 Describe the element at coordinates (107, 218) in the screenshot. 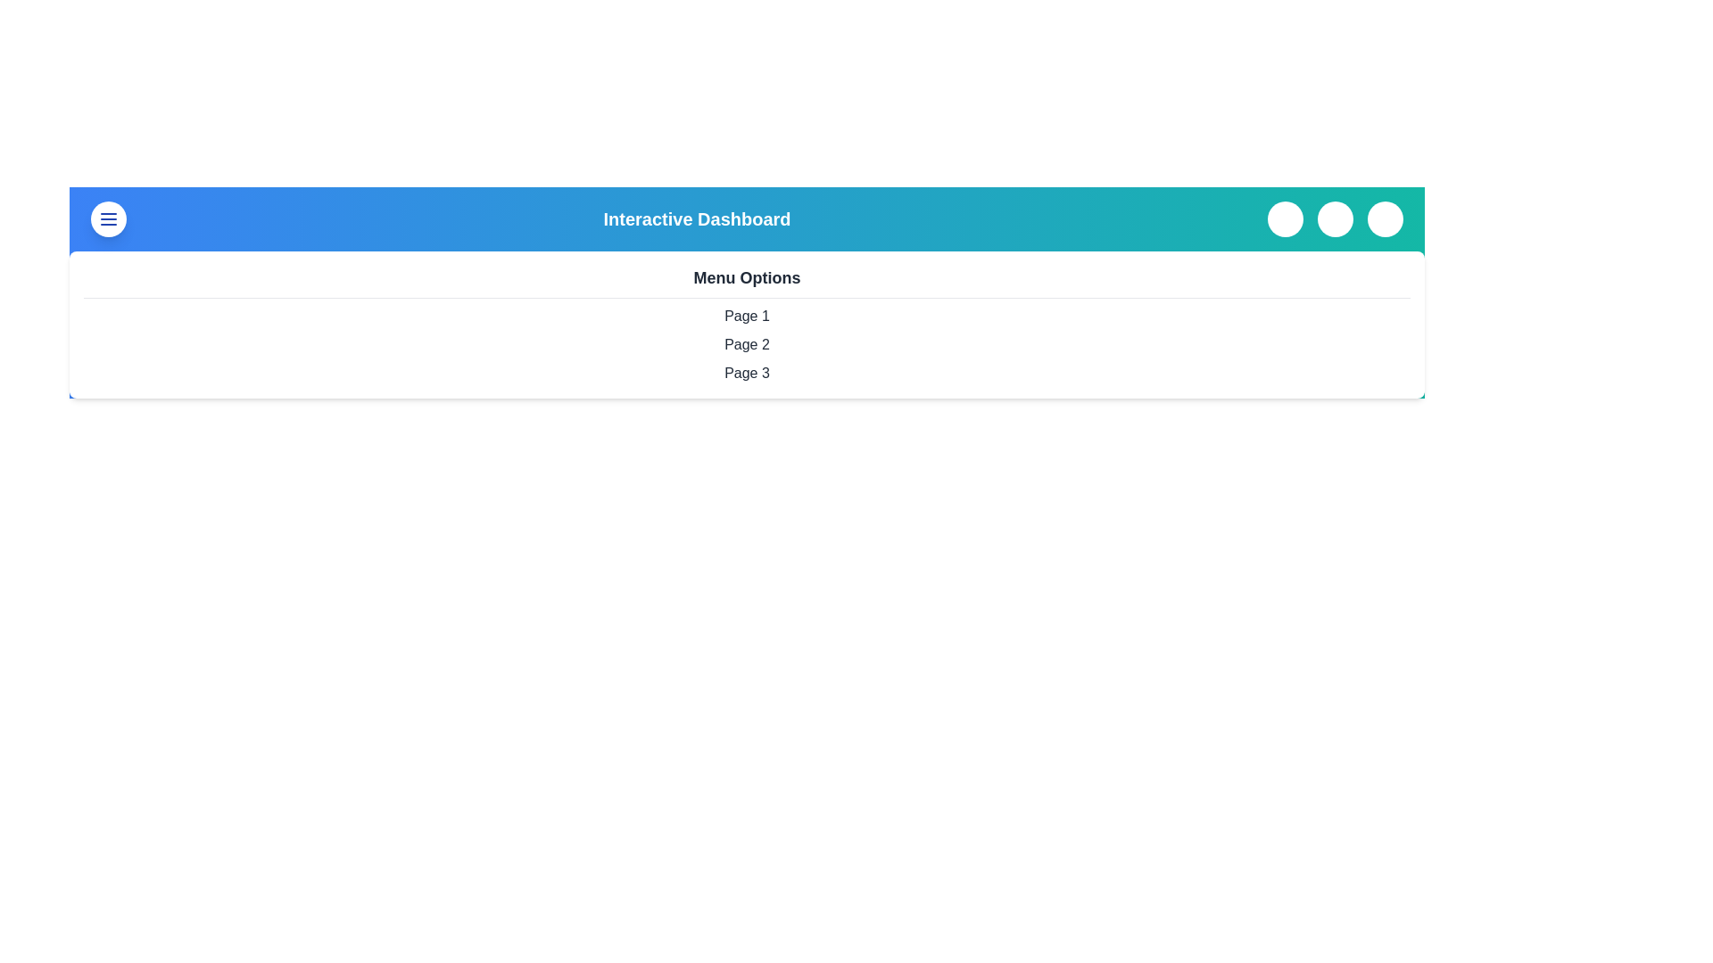

I see `menu button to toggle the menu visibility` at that location.